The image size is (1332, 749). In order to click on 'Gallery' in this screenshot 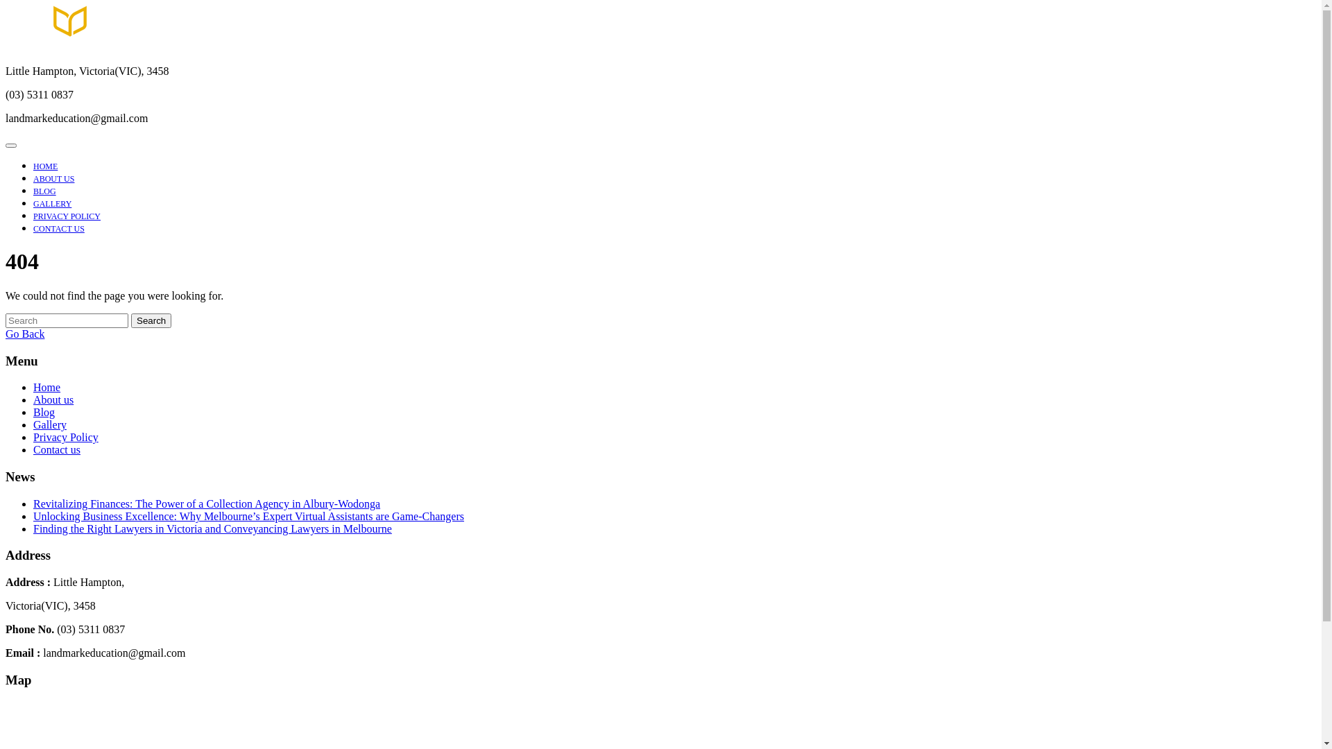, I will do `click(50, 424)`.